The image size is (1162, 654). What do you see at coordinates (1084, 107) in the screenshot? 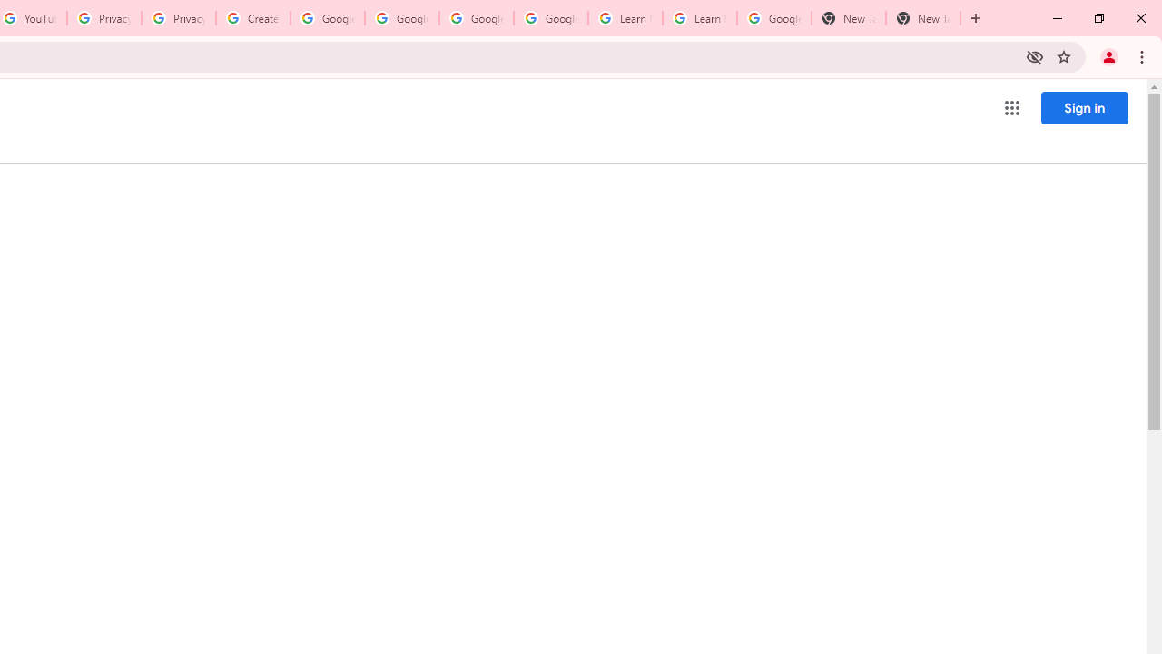
I see `'Sign in'` at bounding box center [1084, 107].